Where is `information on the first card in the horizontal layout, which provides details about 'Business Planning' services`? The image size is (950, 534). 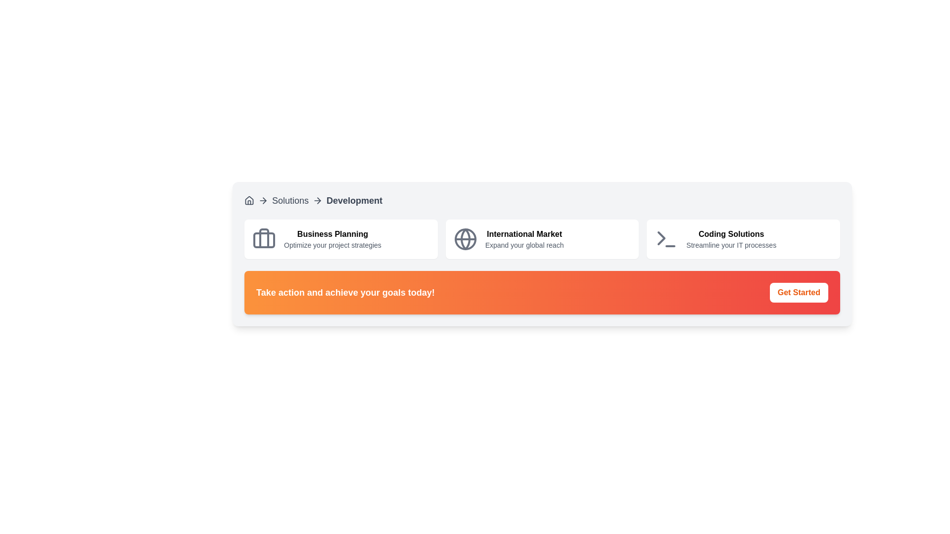 information on the first card in the horizontal layout, which provides details about 'Business Planning' services is located at coordinates (341, 239).